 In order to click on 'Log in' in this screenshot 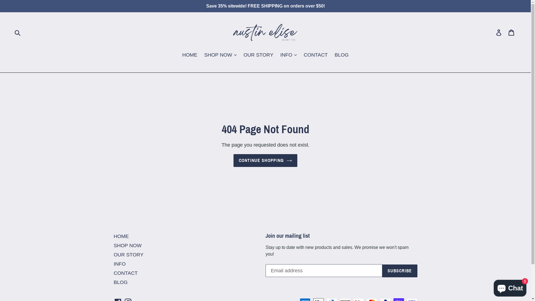, I will do `click(499, 32)`.